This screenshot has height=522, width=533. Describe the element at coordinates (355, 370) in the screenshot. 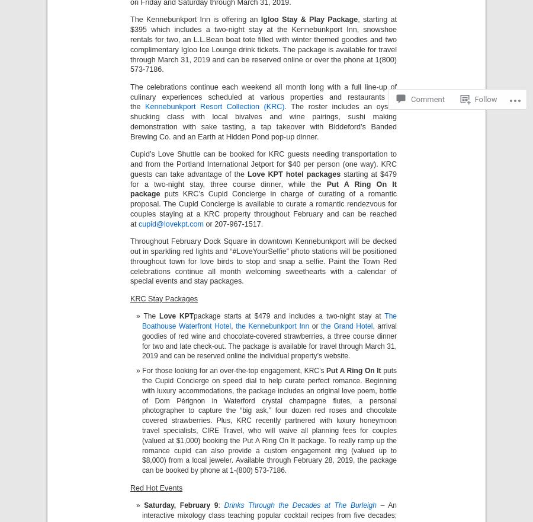

I see `'Put A Ring On It'` at that location.